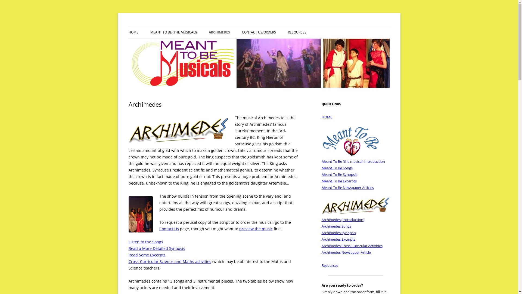  What do you see at coordinates (321, 252) in the screenshot?
I see `'Archimedes Newspaper Article'` at bounding box center [321, 252].